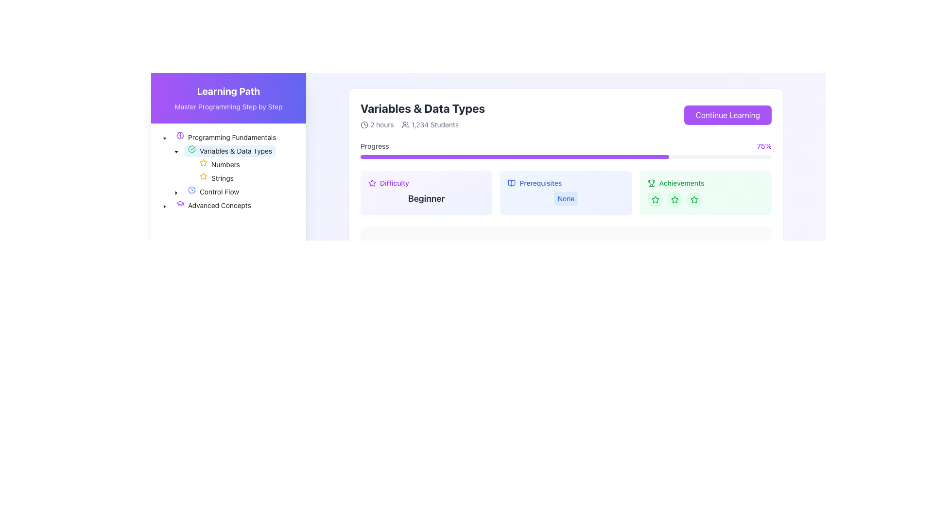 The image size is (933, 525). I want to click on the star-shaped icon with a green outer border in the 'Achievements' section to highlight the related area, so click(693, 199).